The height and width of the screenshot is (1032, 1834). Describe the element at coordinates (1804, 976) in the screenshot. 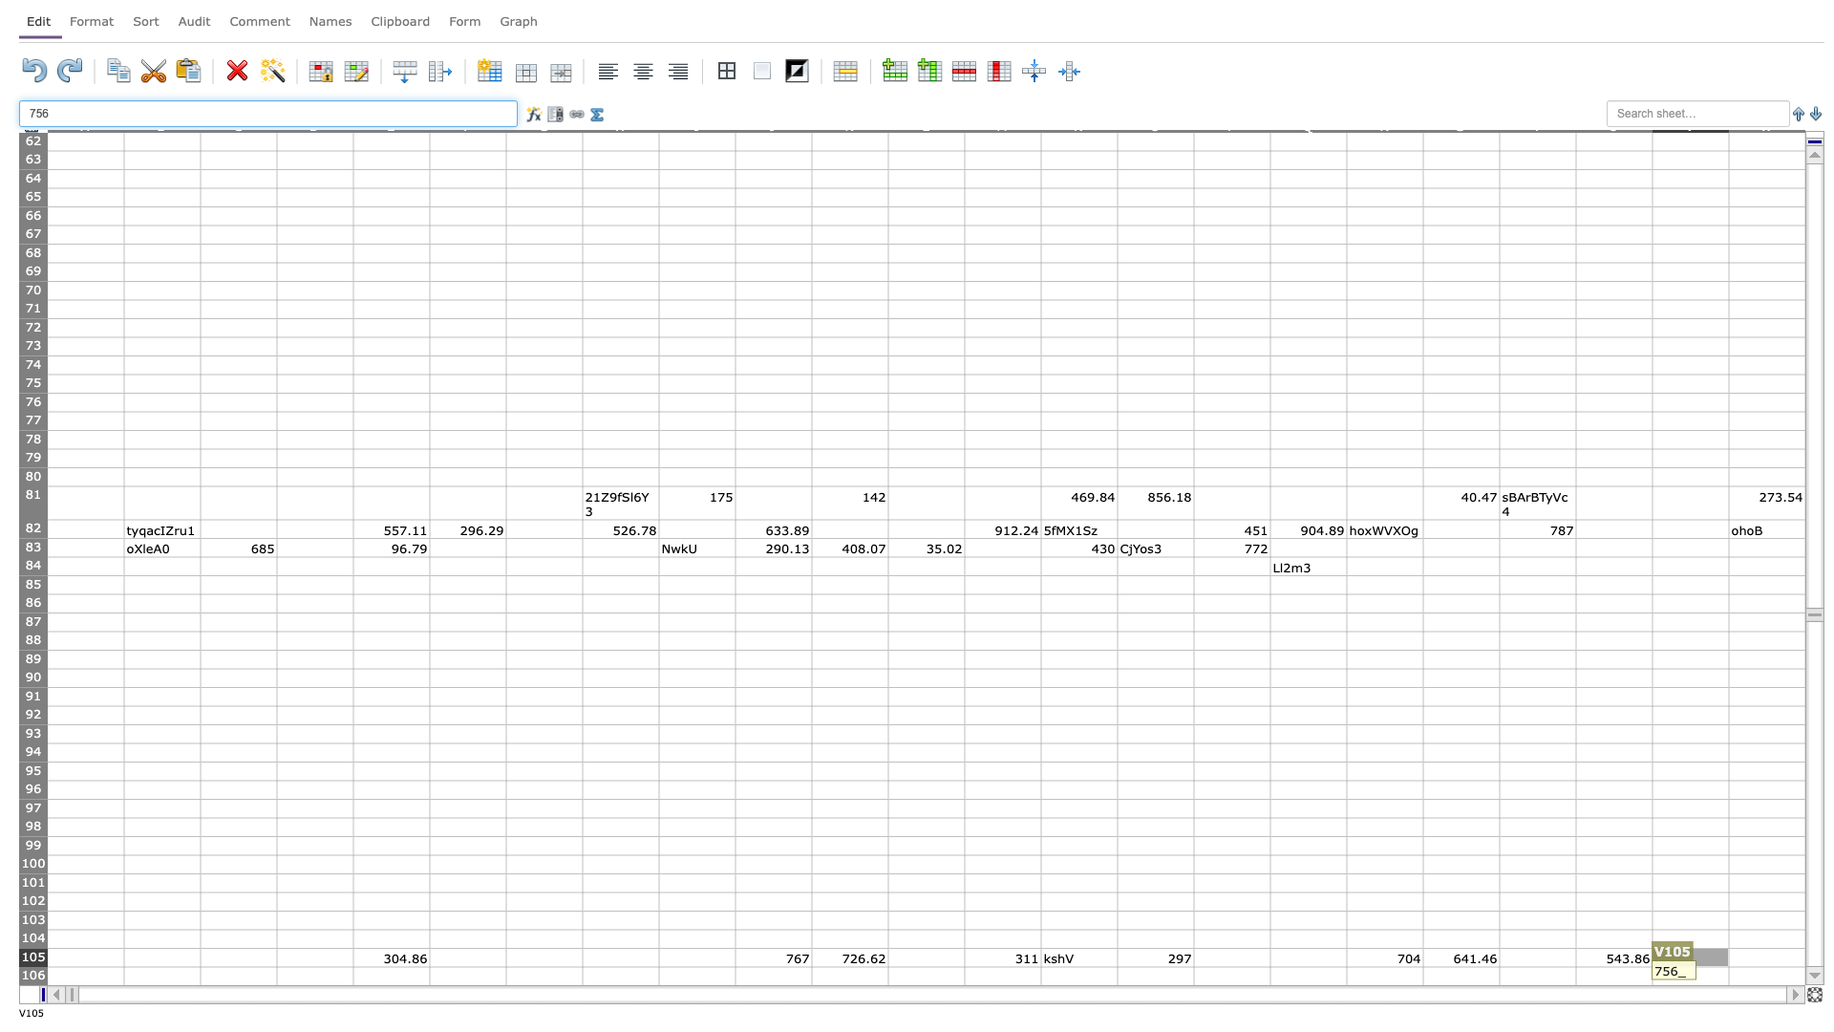

I see `Right edge of W-106` at that location.